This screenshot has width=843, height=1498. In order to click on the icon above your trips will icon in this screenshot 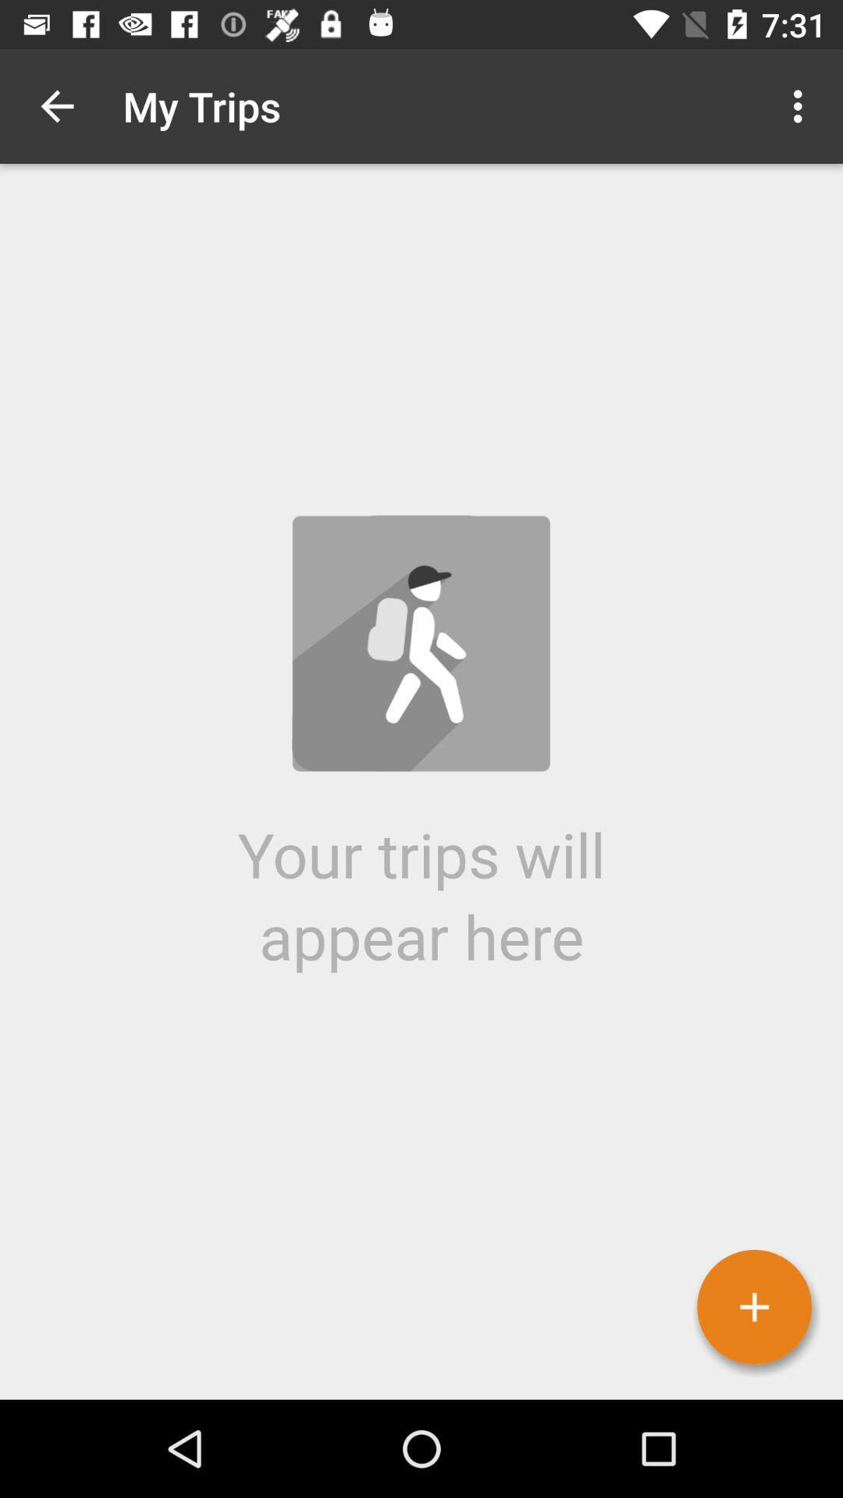, I will do `click(56, 105)`.